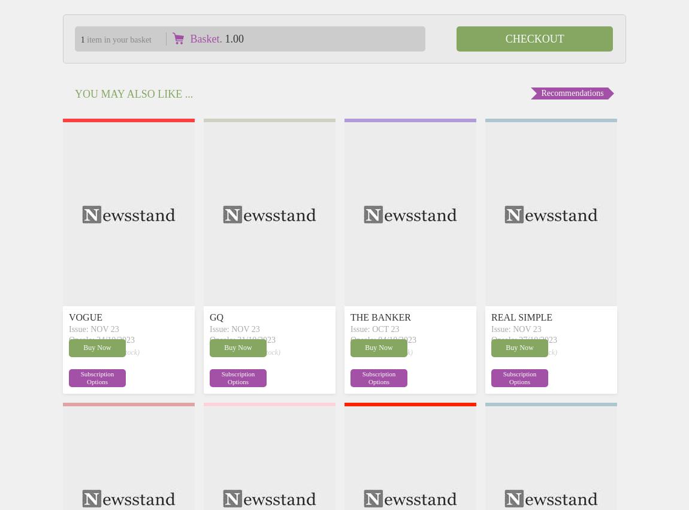 The width and height of the screenshot is (689, 510). I want to click on 'Checkout', so click(534, 39).